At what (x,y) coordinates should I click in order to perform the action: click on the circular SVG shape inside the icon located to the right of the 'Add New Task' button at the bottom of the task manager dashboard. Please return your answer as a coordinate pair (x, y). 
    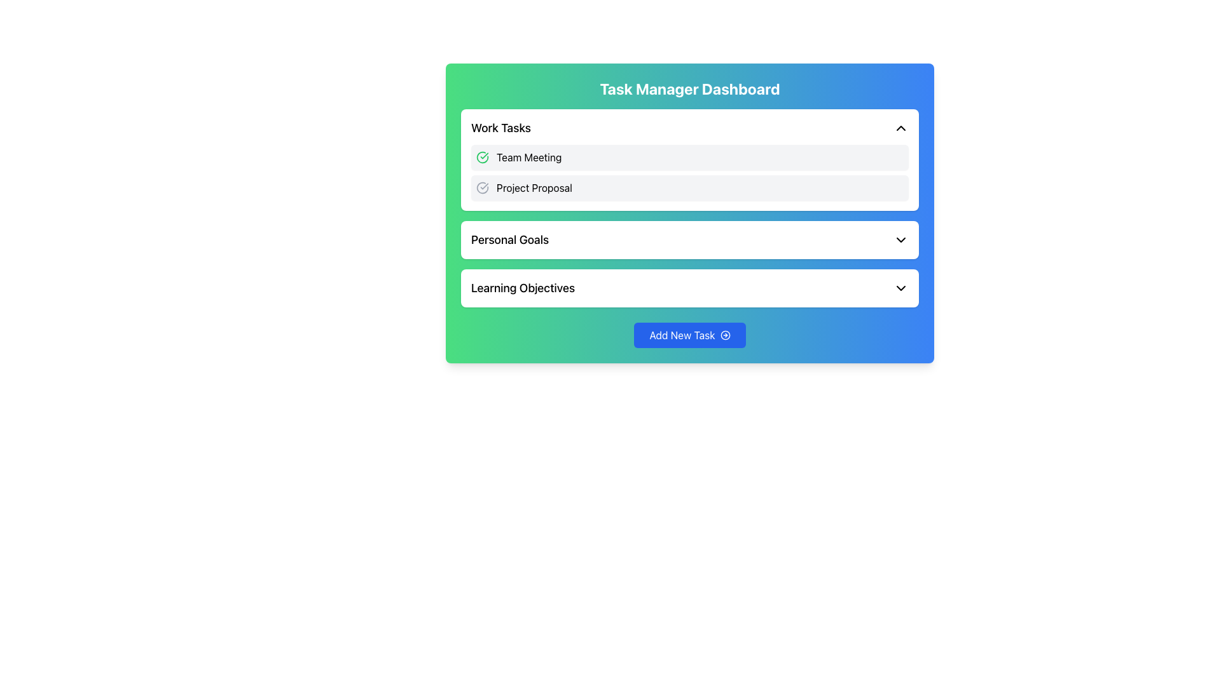
    Looking at the image, I should click on (725, 335).